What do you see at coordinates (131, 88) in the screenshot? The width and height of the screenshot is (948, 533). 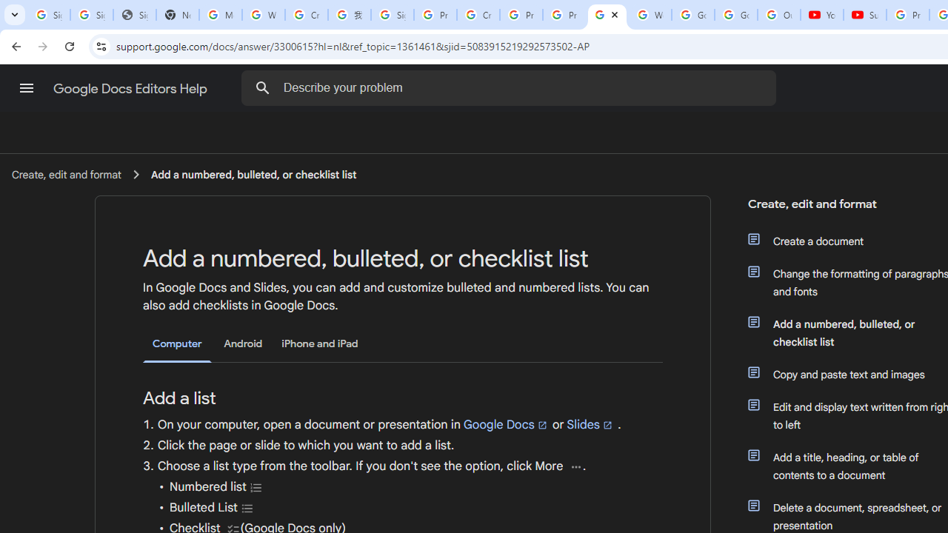 I see `'Google Docs Editors Help'` at bounding box center [131, 88].